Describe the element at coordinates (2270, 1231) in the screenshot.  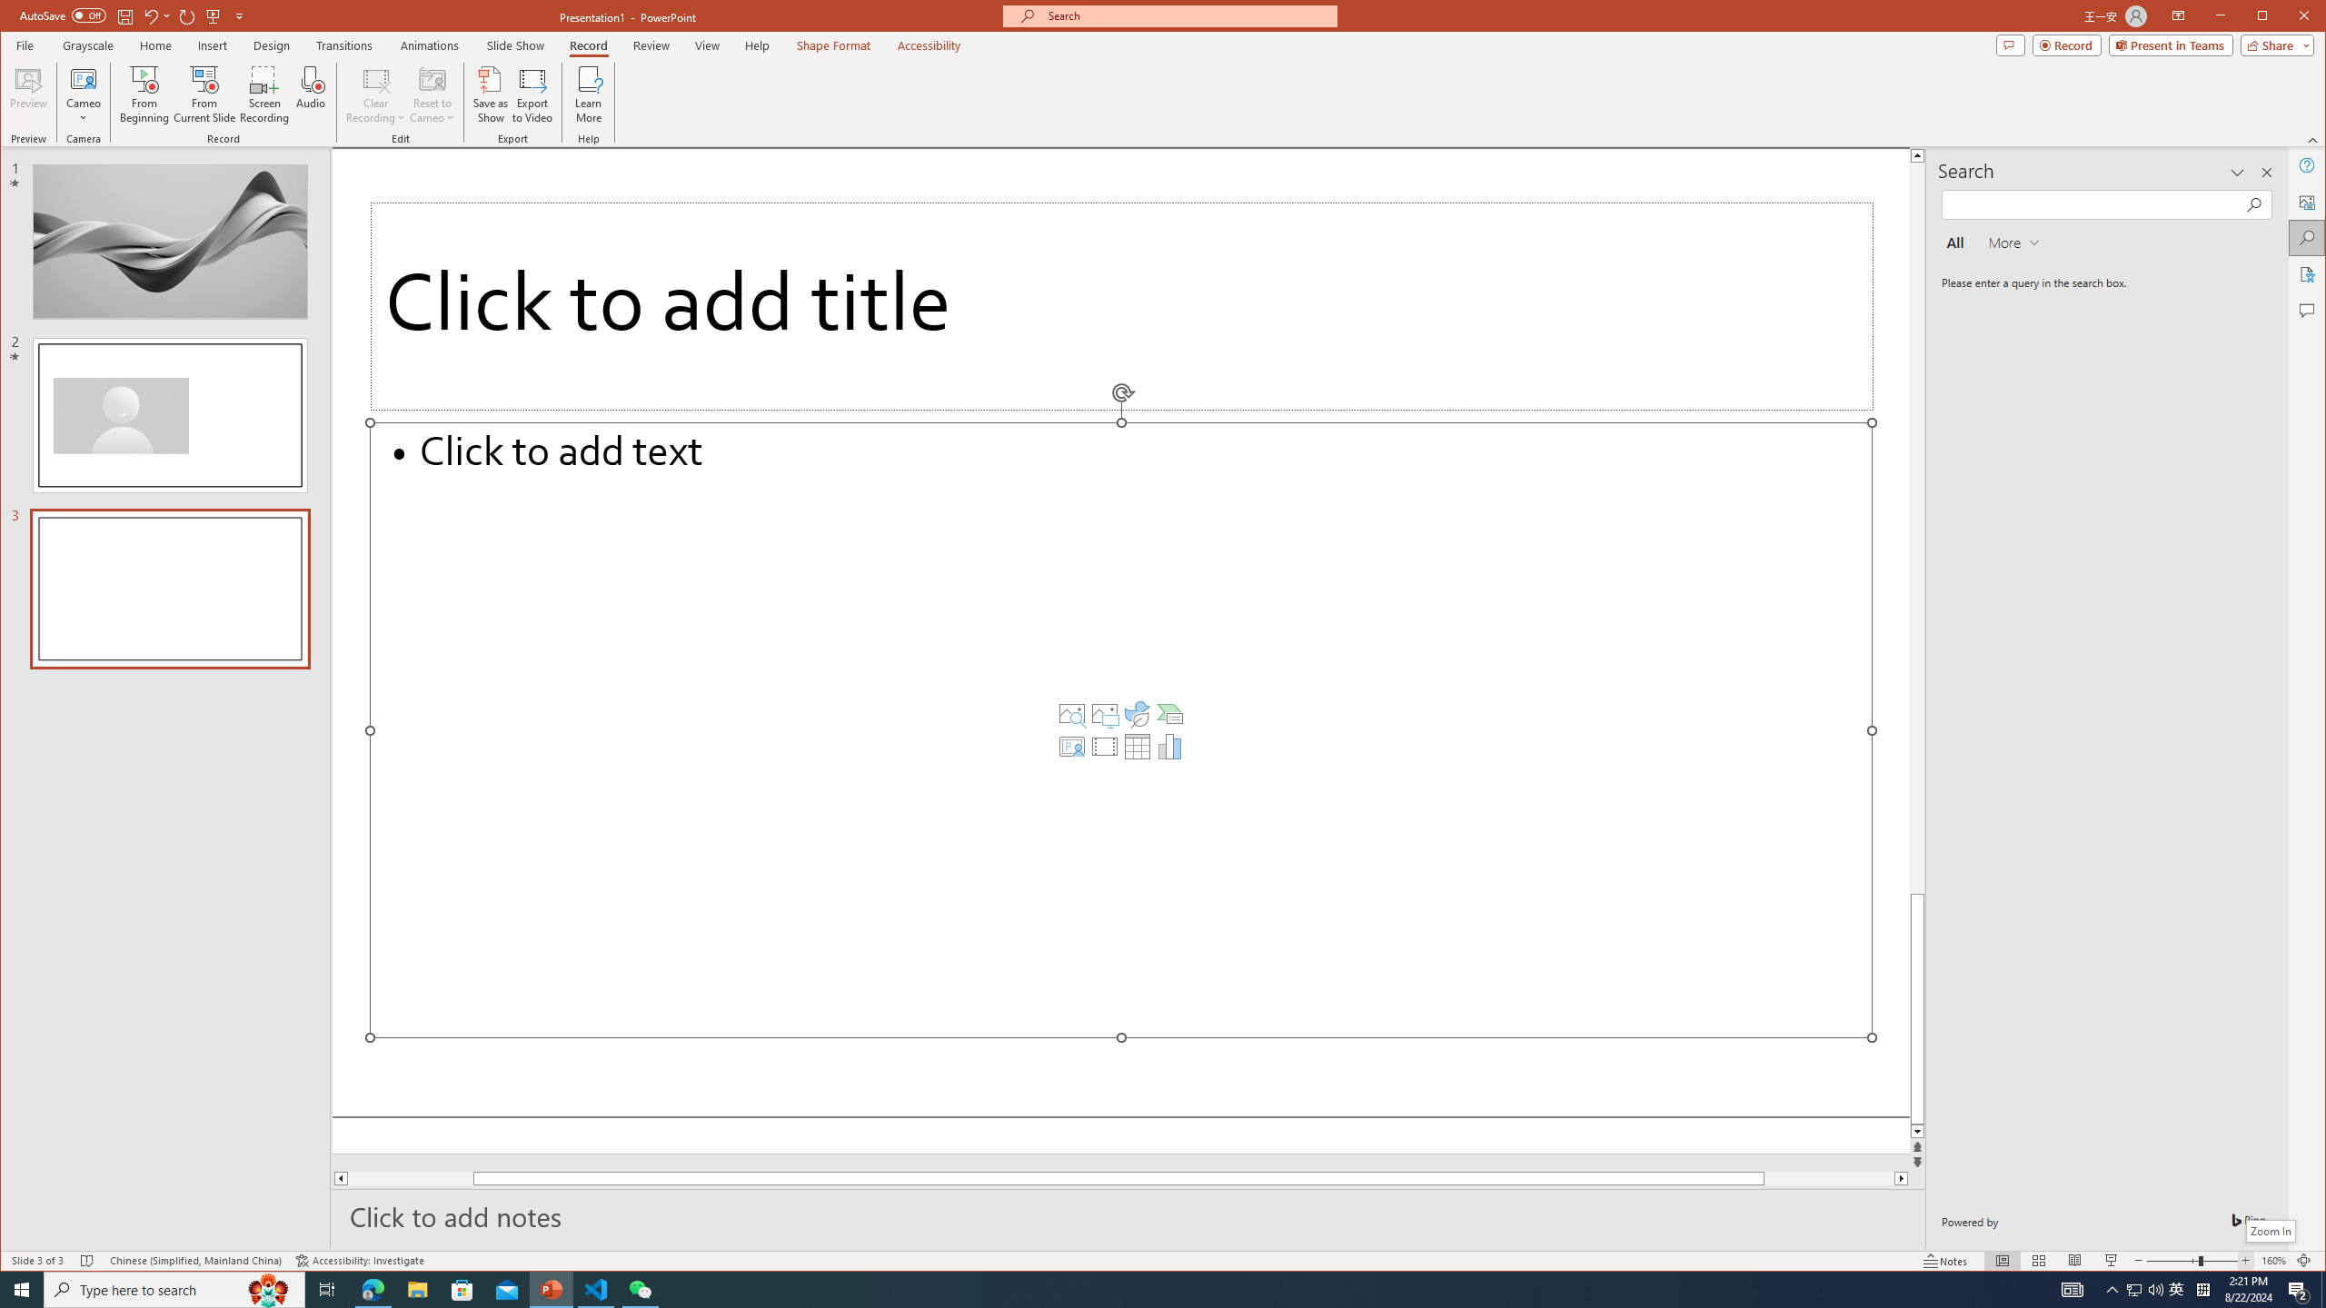
I see `'Zoom In'` at that location.